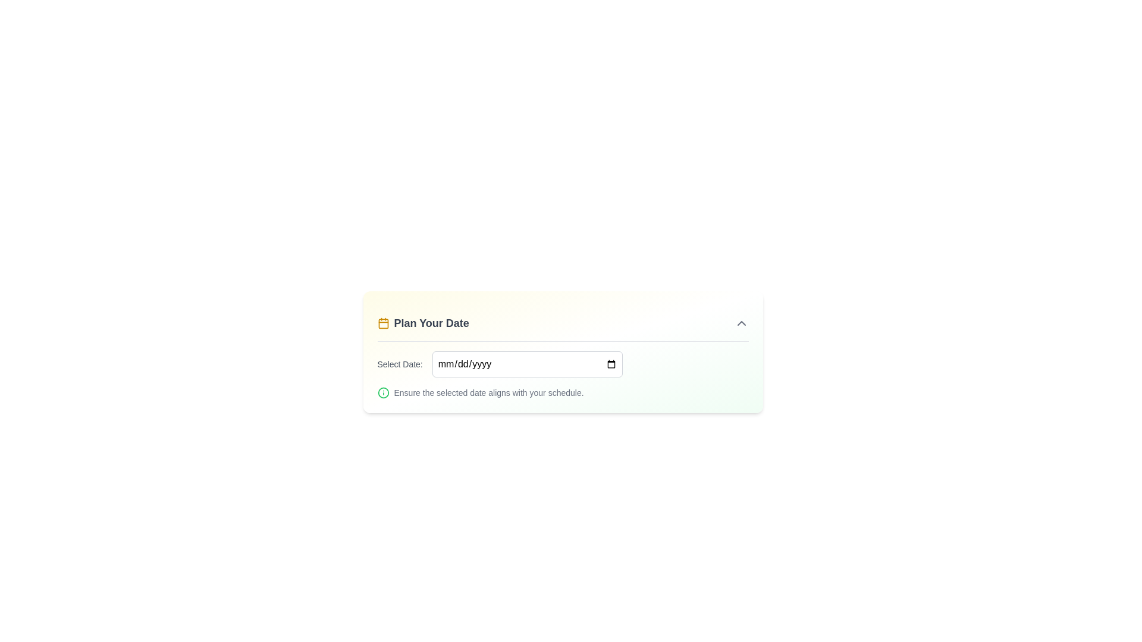 This screenshot has height=642, width=1142. I want to click on the Chevron Up icon located in the top-right region of the 'Plan Your Date' card, which serves as a toggle for expanding or collapsing the section, so click(741, 323).